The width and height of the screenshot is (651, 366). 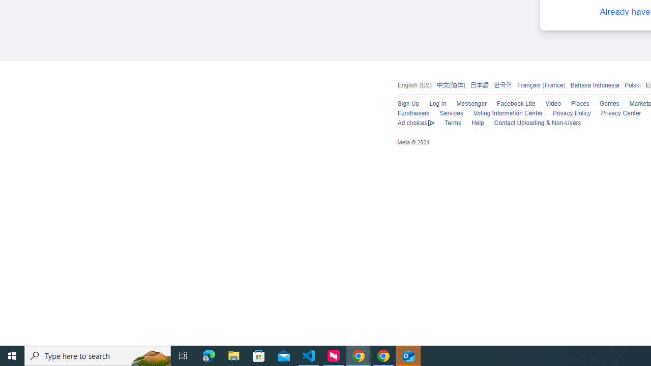 I want to click on 'Privacy Policy', so click(x=571, y=113).